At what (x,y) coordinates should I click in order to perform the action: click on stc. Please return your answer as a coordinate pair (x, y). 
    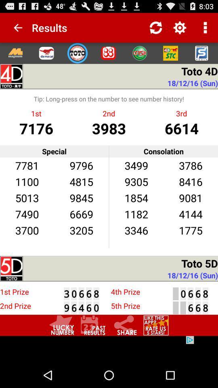
    Looking at the image, I should click on (170, 53).